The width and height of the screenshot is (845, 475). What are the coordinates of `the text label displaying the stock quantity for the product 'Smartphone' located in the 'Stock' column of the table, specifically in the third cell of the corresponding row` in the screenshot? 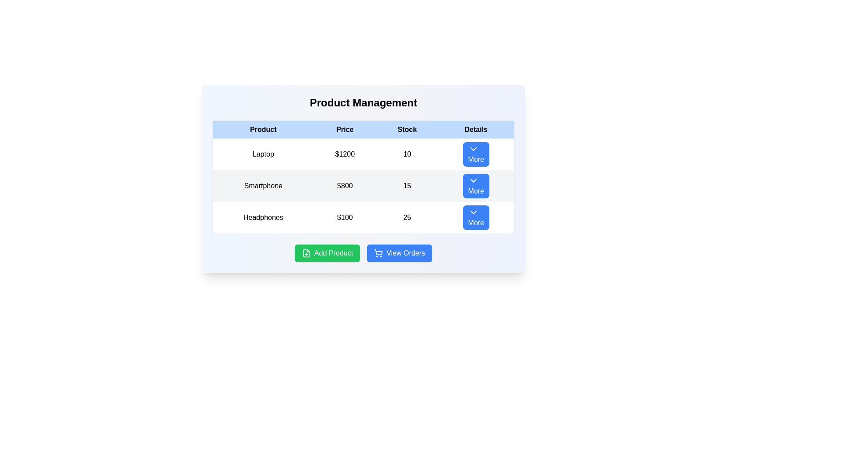 It's located at (407, 186).